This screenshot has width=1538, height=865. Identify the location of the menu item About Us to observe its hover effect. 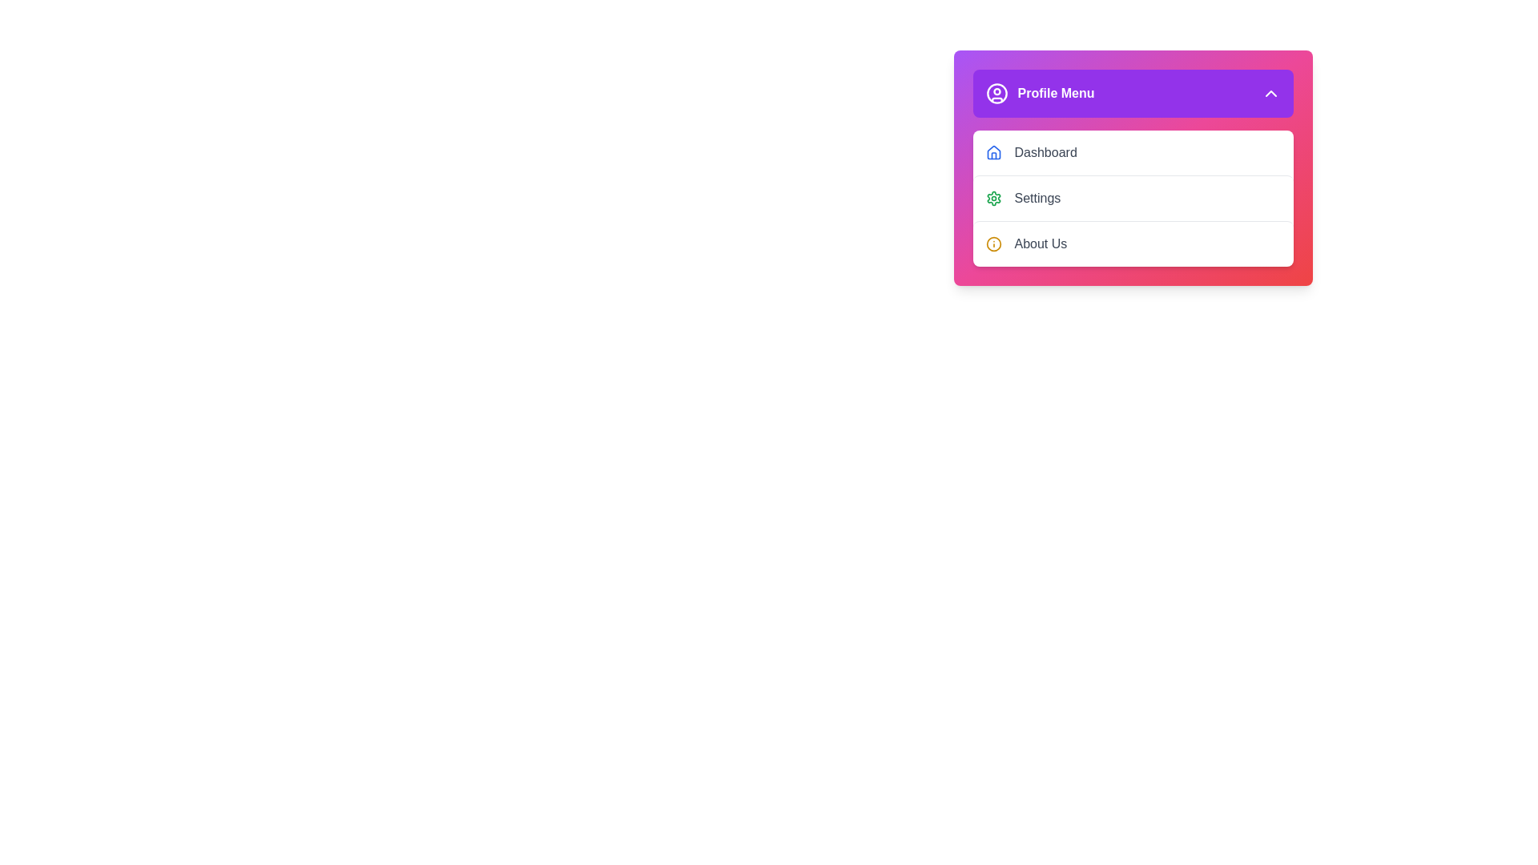
(1132, 243).